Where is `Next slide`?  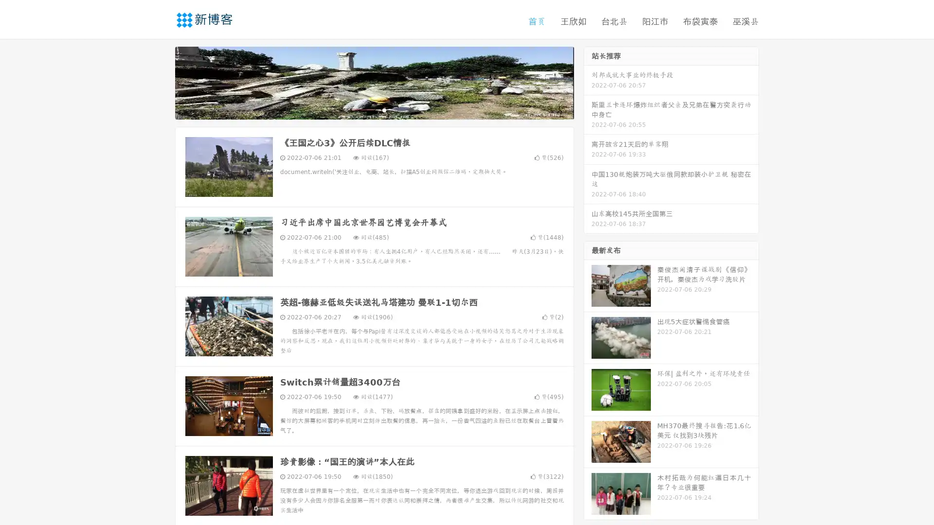 Next slide is located at coordinates (588, 82).